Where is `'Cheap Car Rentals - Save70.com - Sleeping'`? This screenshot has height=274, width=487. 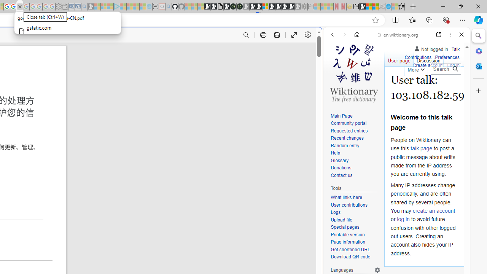 'Cheap Car Rentals - Save70.com - Sleeping' is located at coordinates (78, 6).